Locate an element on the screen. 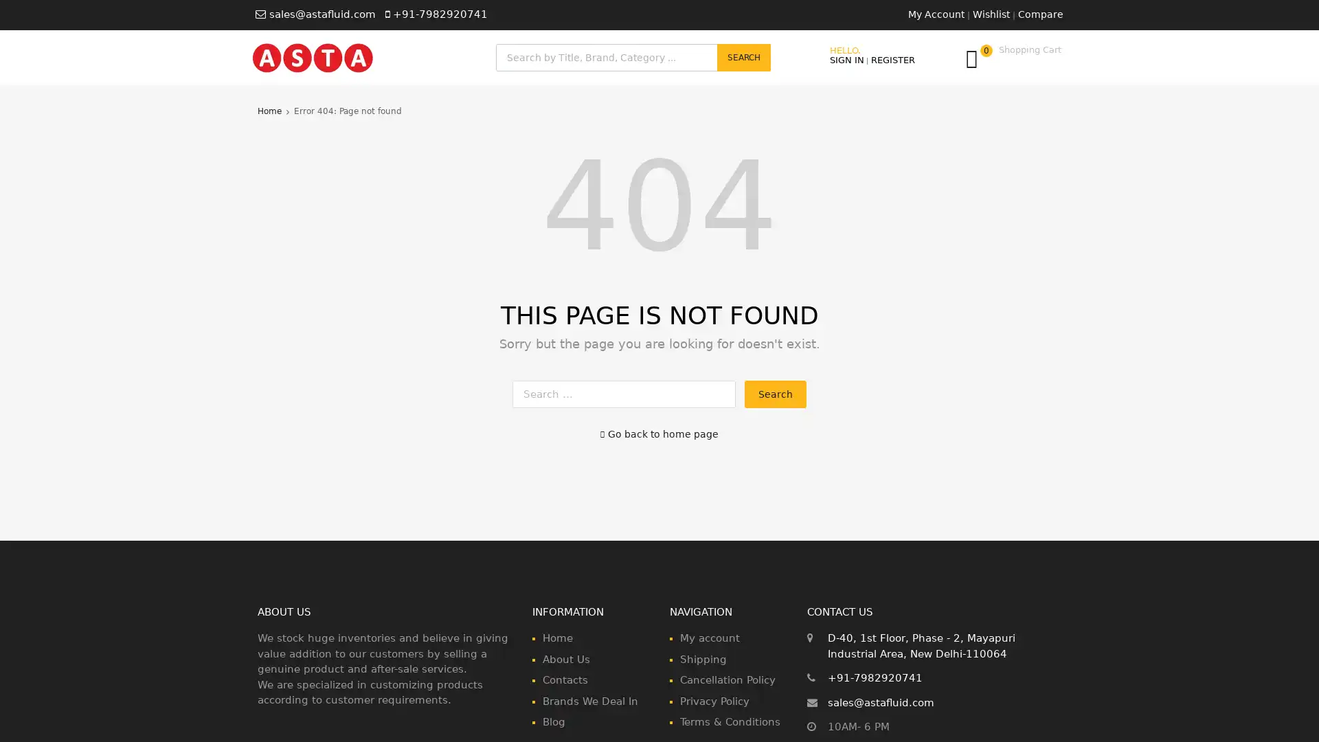 This screenshot has width=1319, height=742. Search is located at coordinates (743, 57).